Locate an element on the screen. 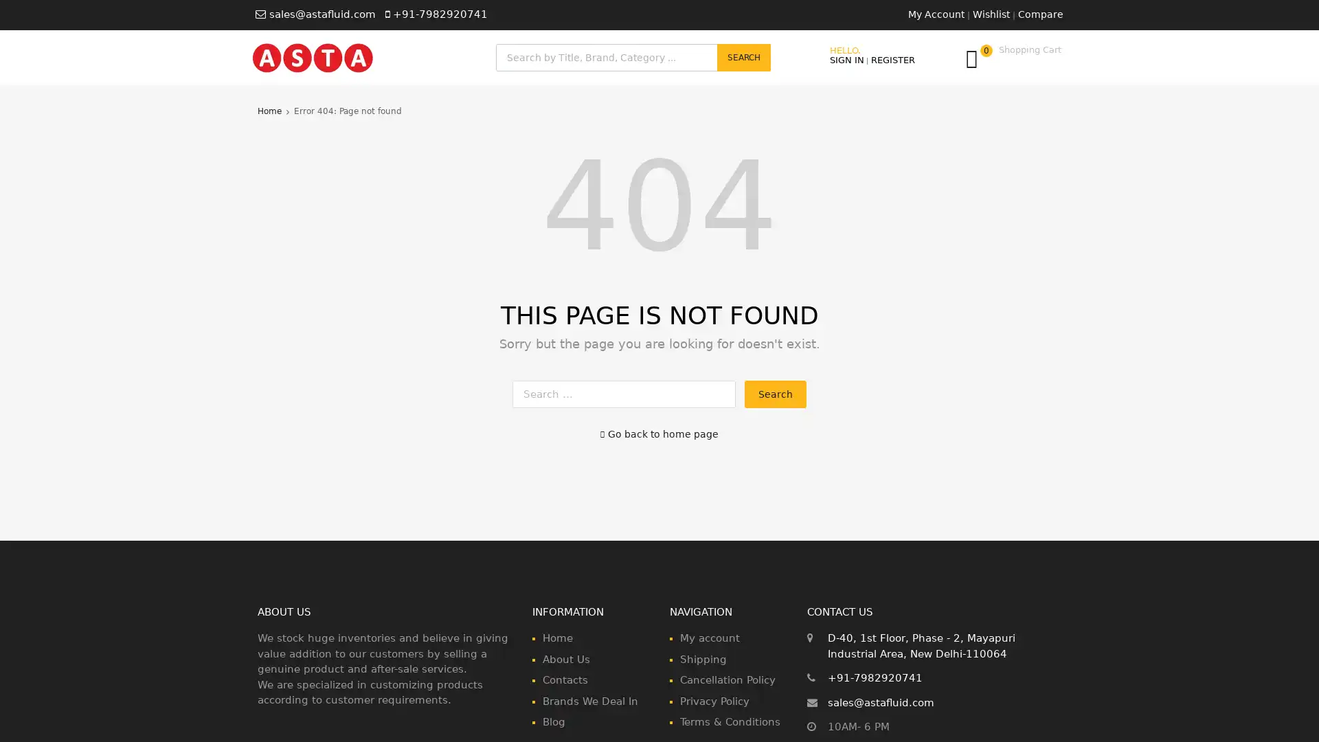 This screenshot has width=1319, height=742. Search is located at coordinates (743, 57).